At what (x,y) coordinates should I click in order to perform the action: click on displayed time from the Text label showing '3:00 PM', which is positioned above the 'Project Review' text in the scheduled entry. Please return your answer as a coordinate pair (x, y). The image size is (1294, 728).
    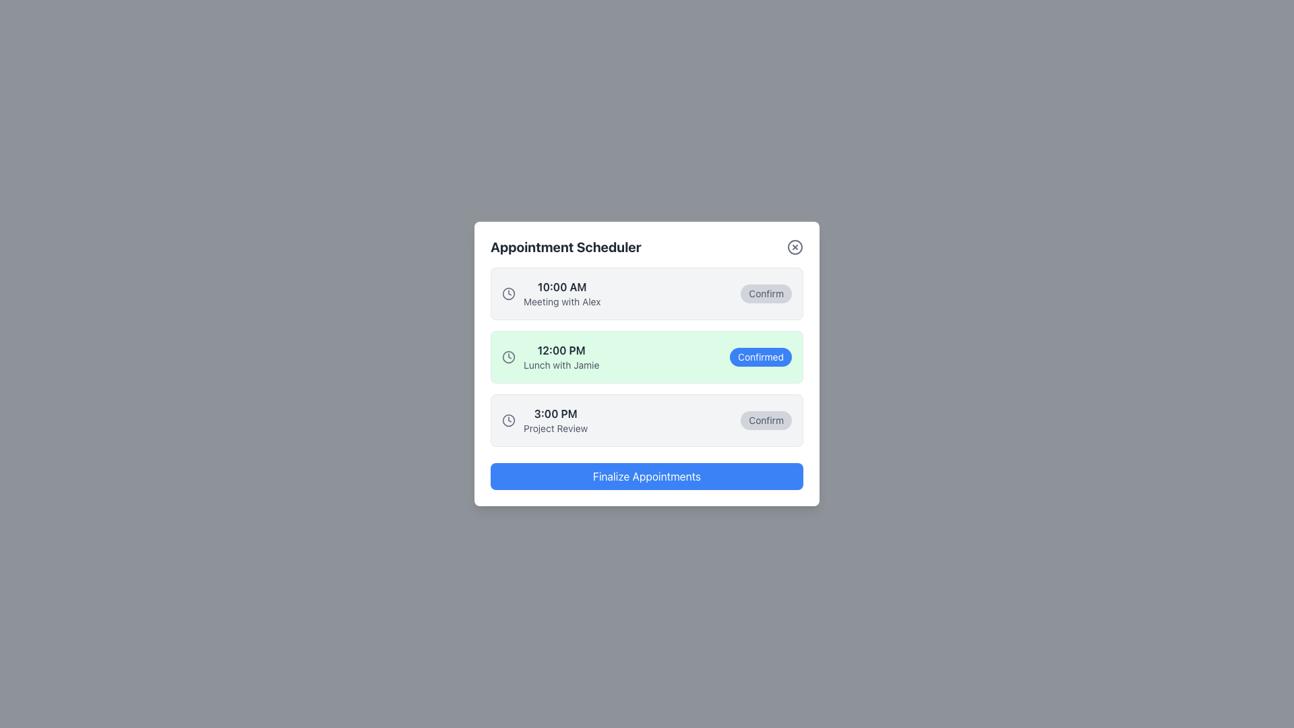
    Looking at the image, I should click on (555, 413).